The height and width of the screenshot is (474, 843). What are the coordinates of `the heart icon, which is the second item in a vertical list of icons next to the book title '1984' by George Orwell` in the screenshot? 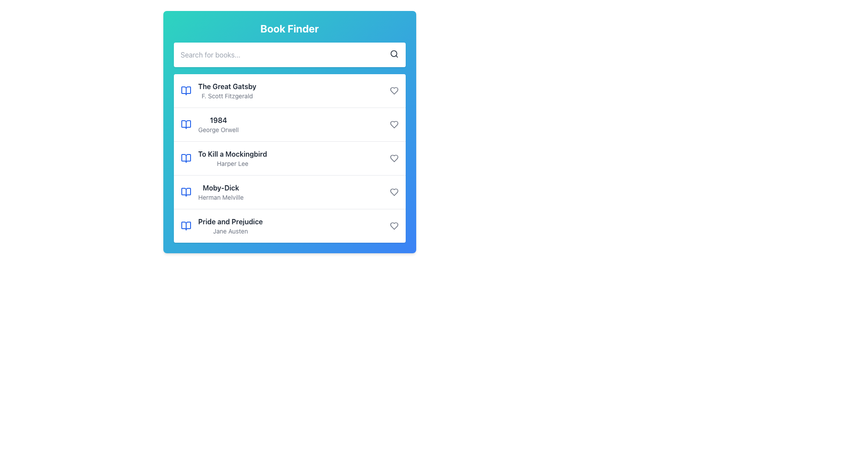 It's located at (393, 125).